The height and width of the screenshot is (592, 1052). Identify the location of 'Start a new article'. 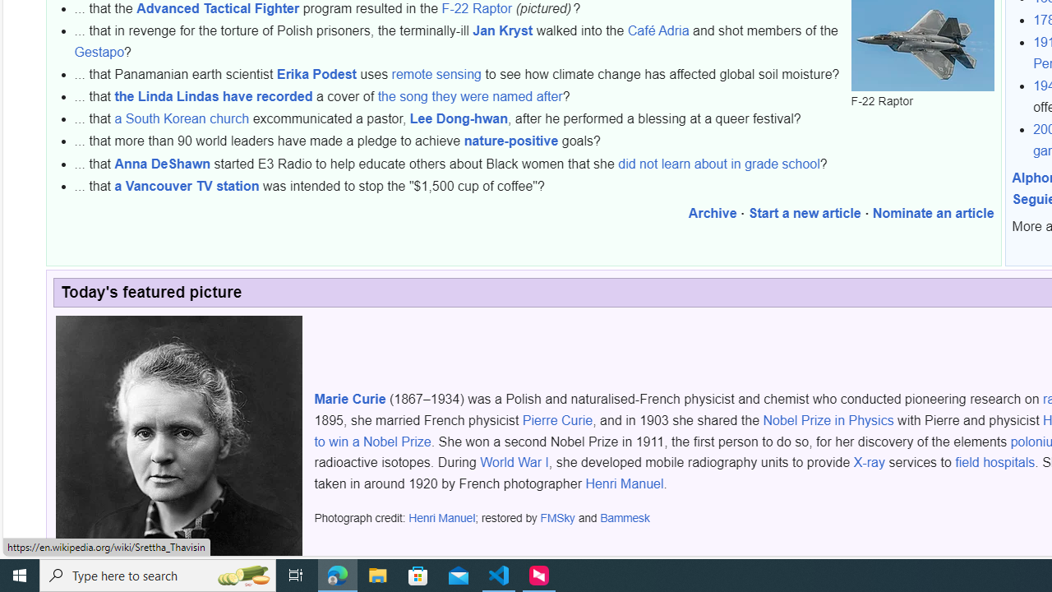
(805, 213).